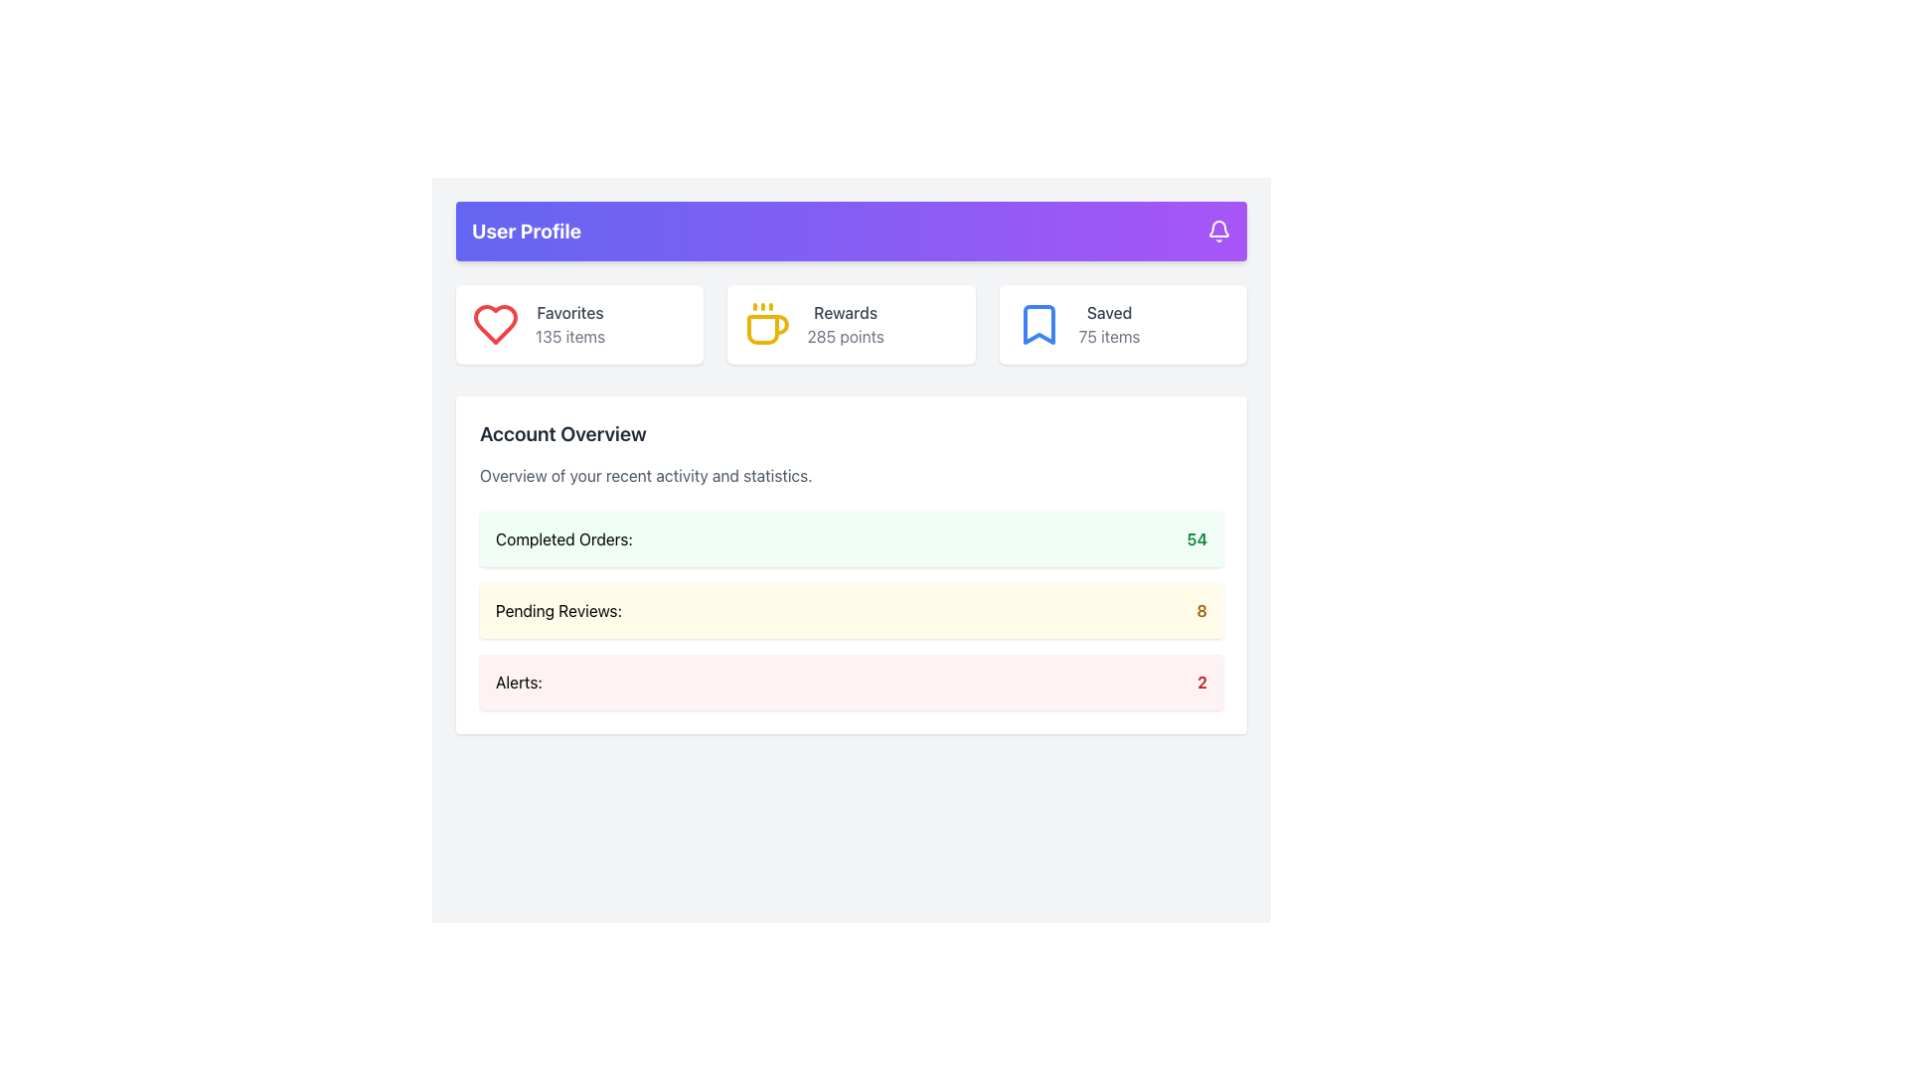 This screenshot has height=1073, width=1908. I want to click on the Informational panel that displays a summary of pending reviews associated with the account, which is the second item in the vertically stacked grid under the 'Account Overview' section, so click(852, 609).